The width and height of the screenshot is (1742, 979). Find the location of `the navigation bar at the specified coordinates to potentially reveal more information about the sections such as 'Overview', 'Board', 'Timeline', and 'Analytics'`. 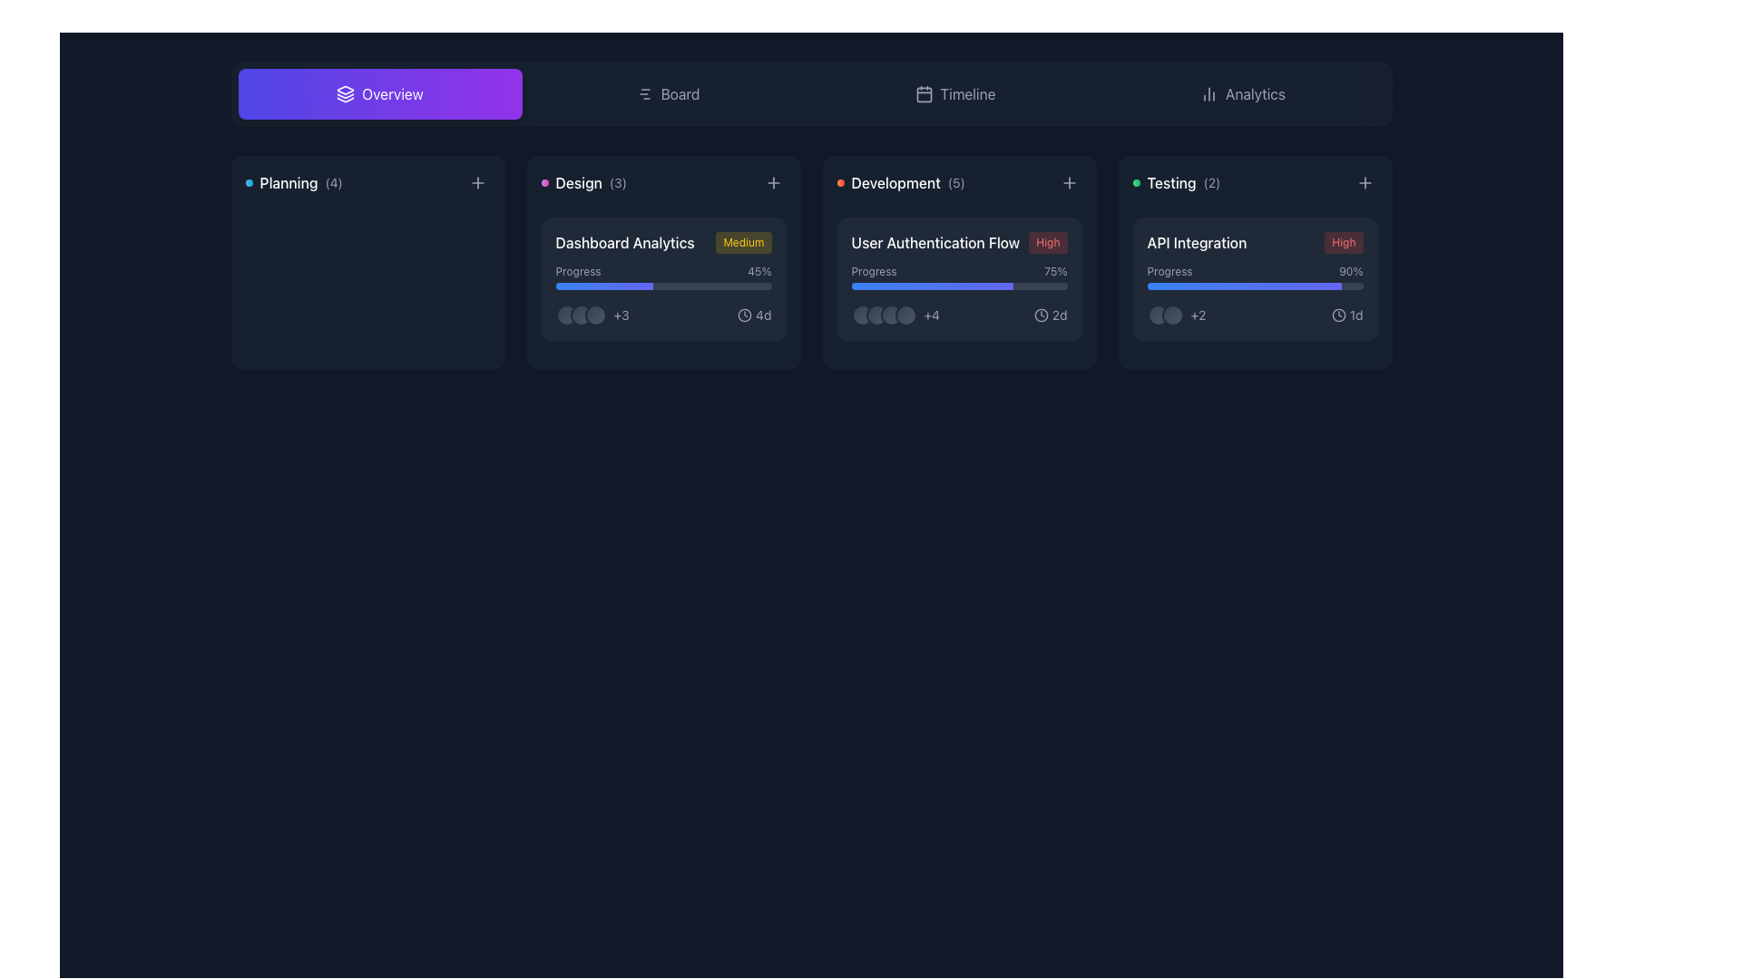

the navigation bar at the specified coordinates to potentially reveal more information about the sections such as 'Overview', 'Board', 'Timeline', and 'Analytics' is located at coordinates (810, 94).